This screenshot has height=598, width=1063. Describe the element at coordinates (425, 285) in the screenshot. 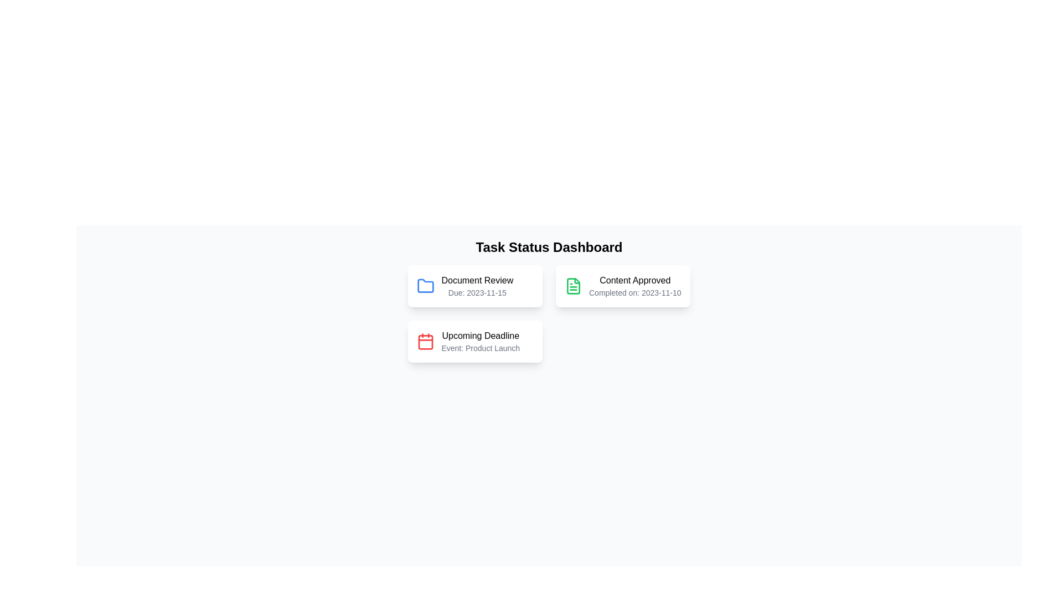

I see `the icon representing the task of document review, which is located to the left of the text 'Document Review Due: 2023-11-15'` at that location.